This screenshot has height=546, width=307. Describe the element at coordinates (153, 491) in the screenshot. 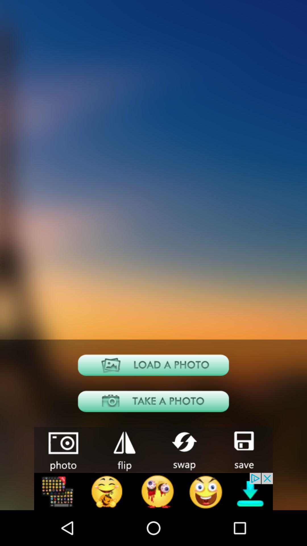

I see `advertisement banner would take off site` at that location.